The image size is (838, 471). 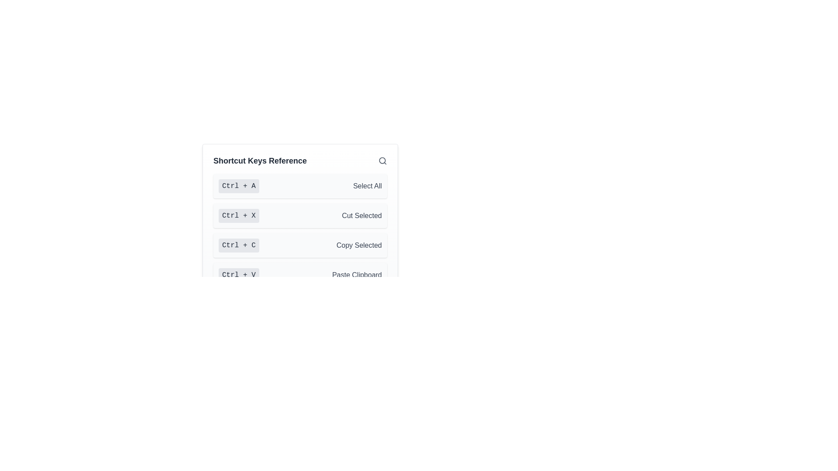 What do you see at coordinates (367, 186) in the screenshot?
I see `the 'Select All' text label, which displays the phrase in medium-gray font color and is positioned to the right of the 'Ctrl + A' label` at bounding box center [367, 186].